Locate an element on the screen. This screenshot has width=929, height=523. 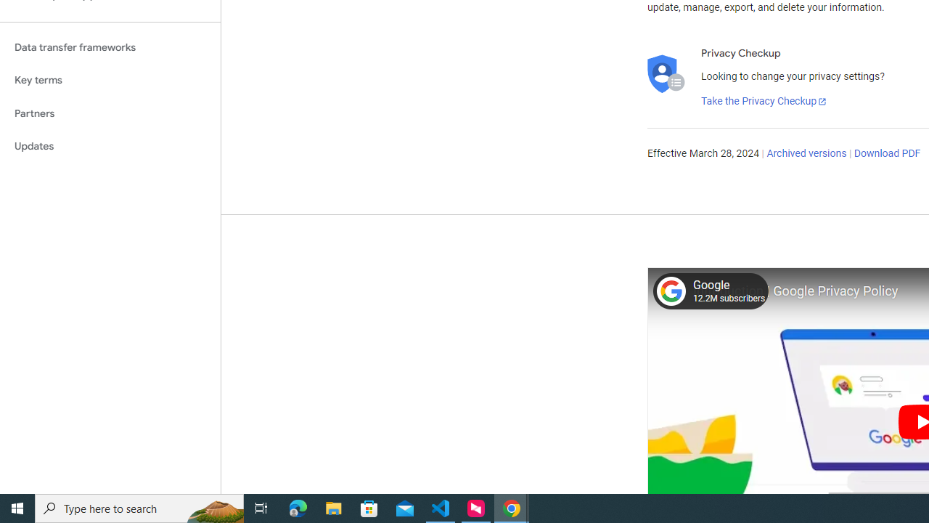
'Data transfer frameworks' is located at coordinates (110, 46).